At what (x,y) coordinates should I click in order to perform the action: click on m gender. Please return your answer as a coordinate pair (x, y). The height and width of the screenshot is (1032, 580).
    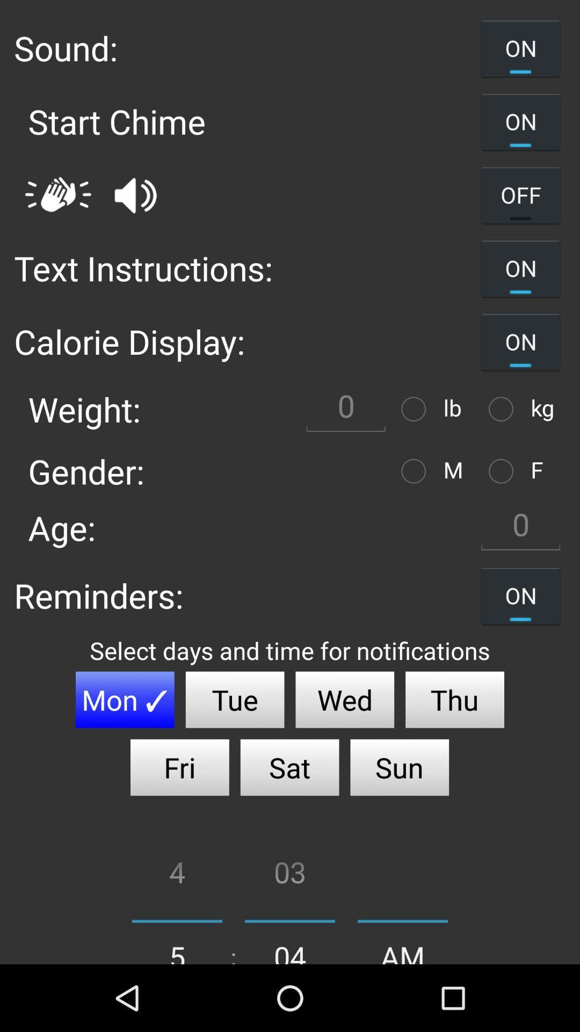
    Looking at the image, I should click on (416, 471).